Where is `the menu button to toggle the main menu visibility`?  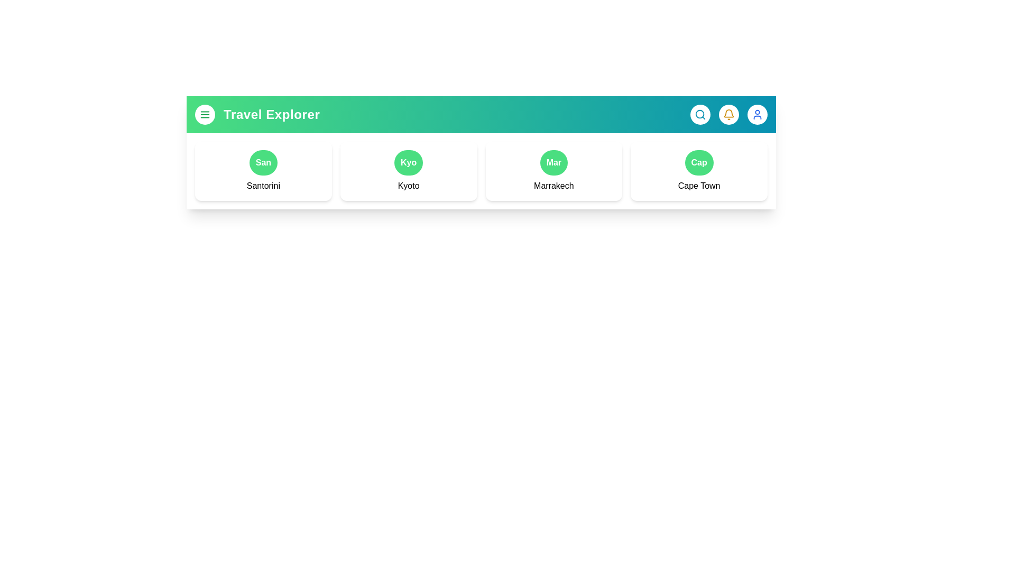 the menu button to toggle the main menu visibility is located at coordinates (205, 114).